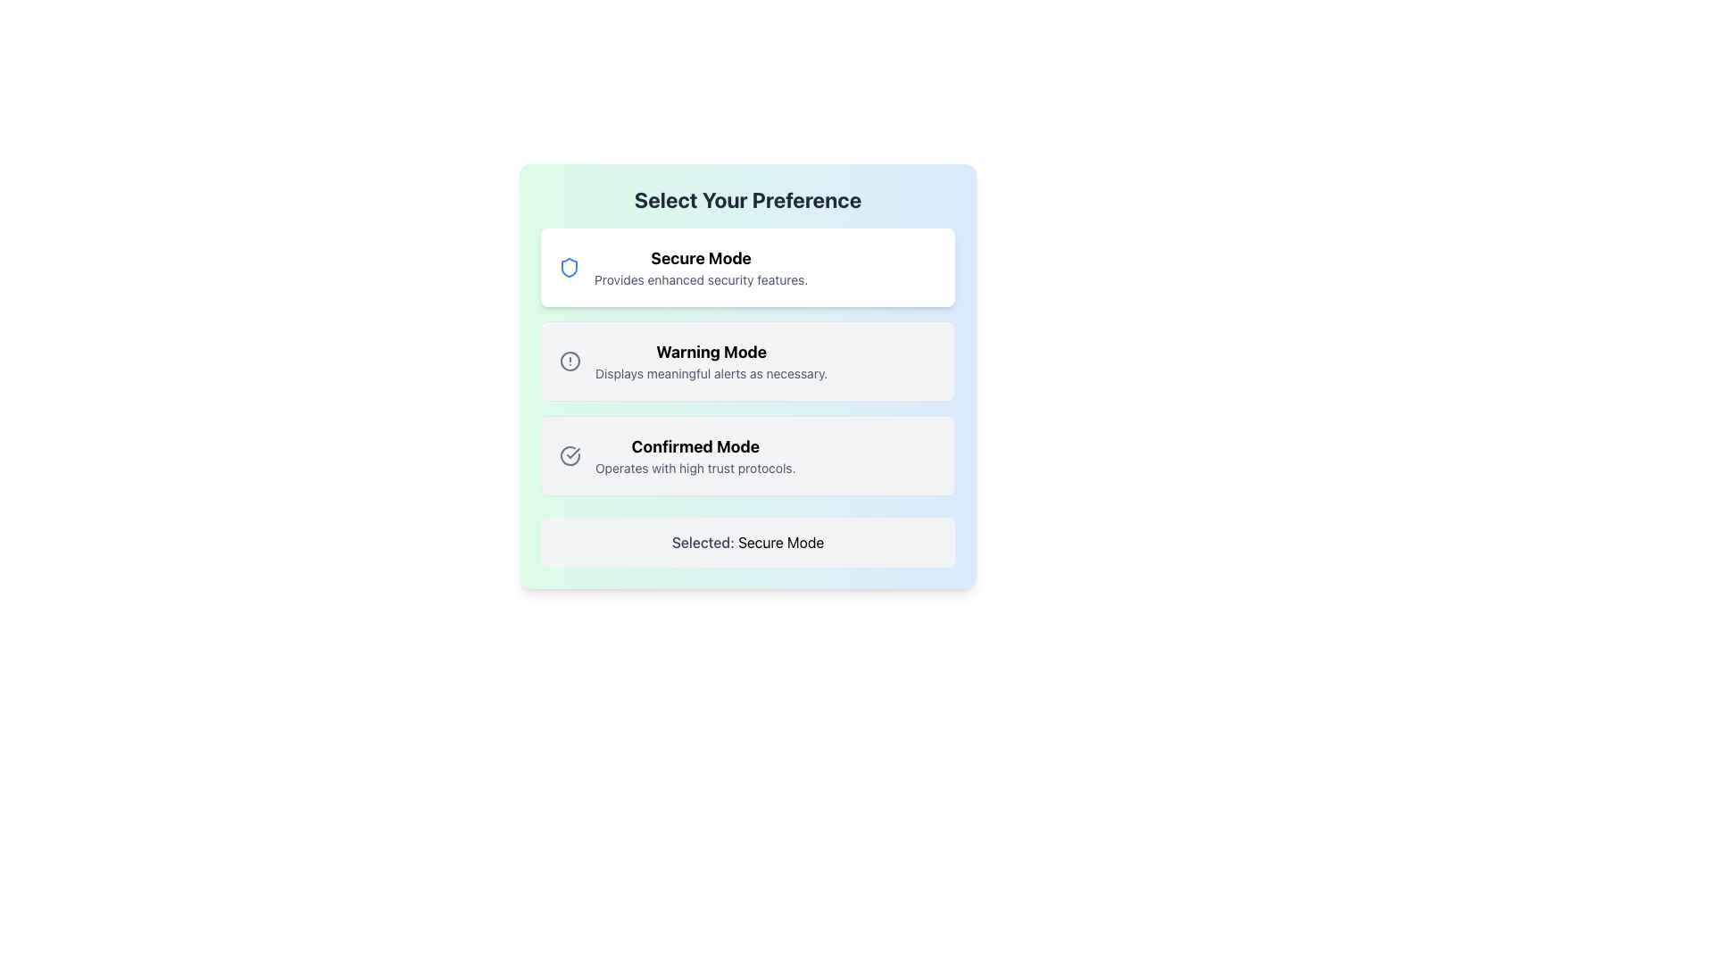 Image resolution: width=1714 pixels, height=964 pixels. I want to click on the Decorative Icon that represents security, located to the left of the 'Secure Mode' title in the first selectable option of the preference list, so click(569, 268).